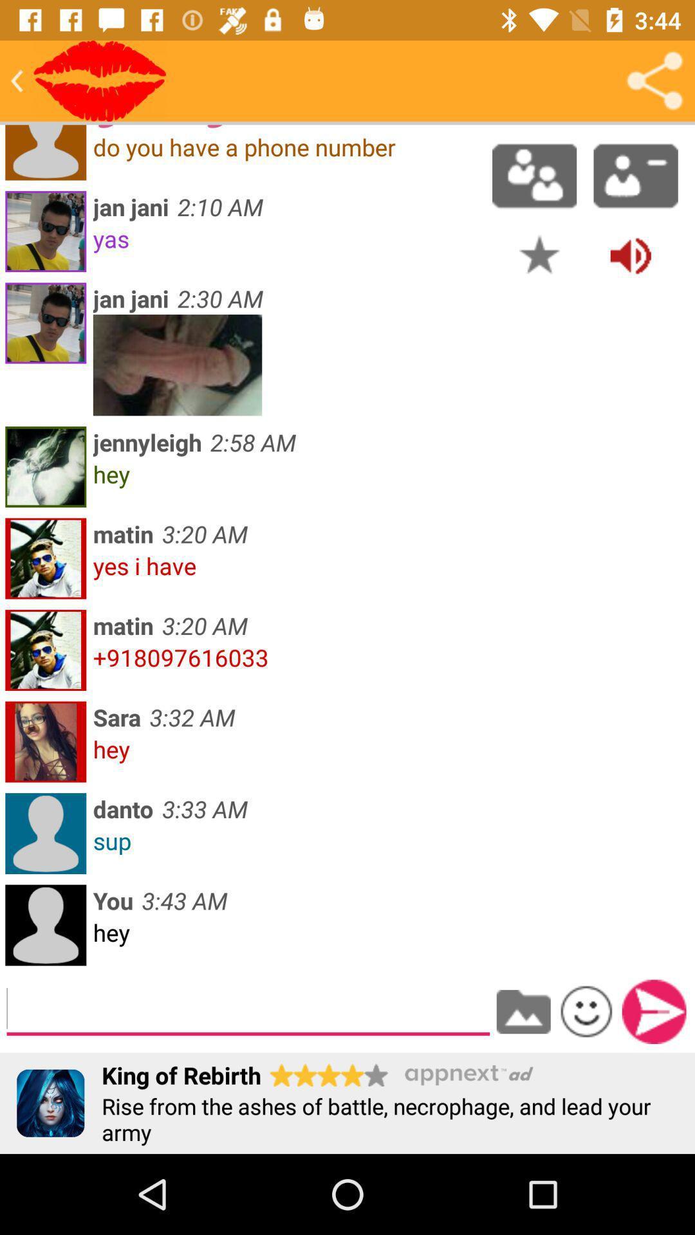  I want to click on next page button, so click(654, 1011).